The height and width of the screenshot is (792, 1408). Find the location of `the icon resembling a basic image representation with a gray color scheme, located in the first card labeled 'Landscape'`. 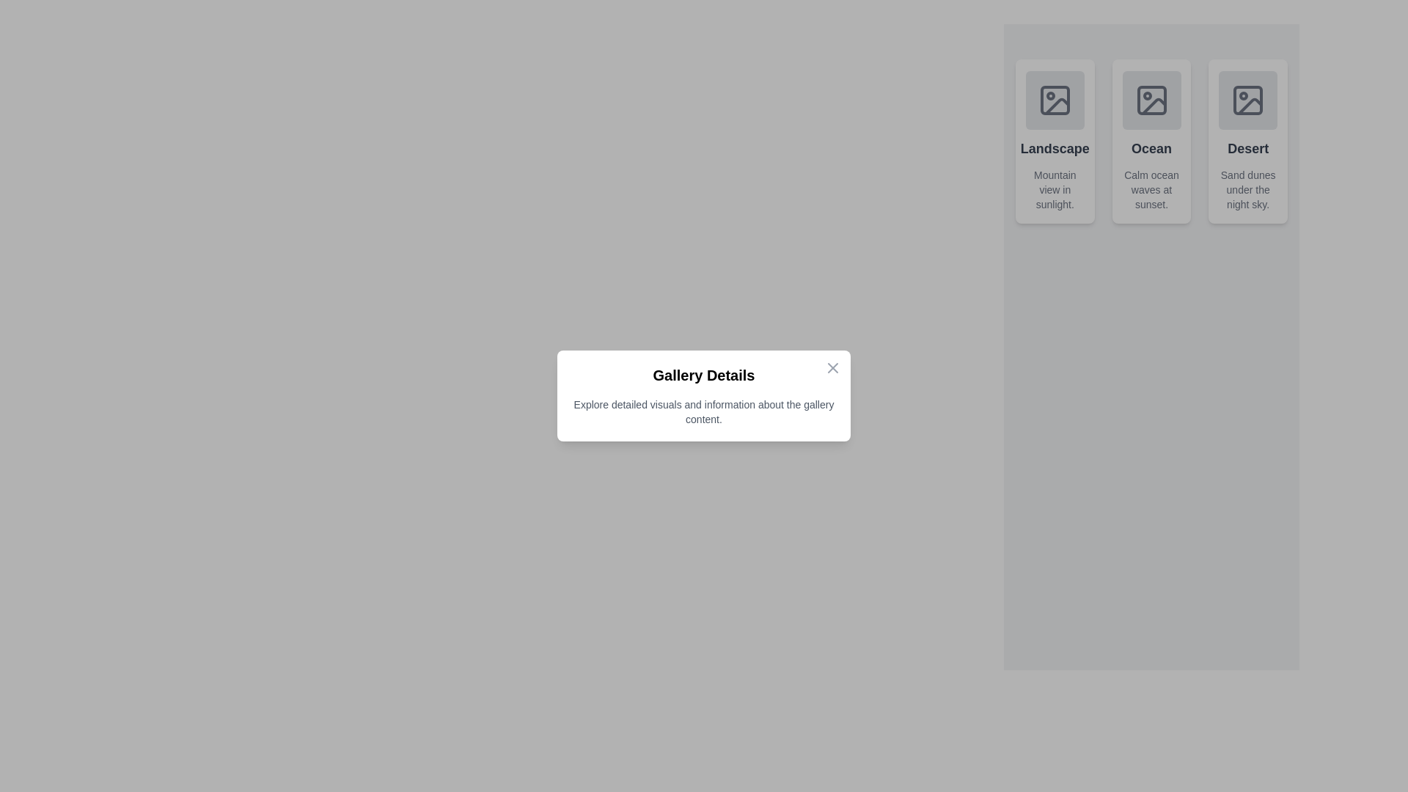

the icon resembling a basic image representation with a gray color scheme, located in the first card labeled 'Landscape' is located at coordinates (1054, 100).